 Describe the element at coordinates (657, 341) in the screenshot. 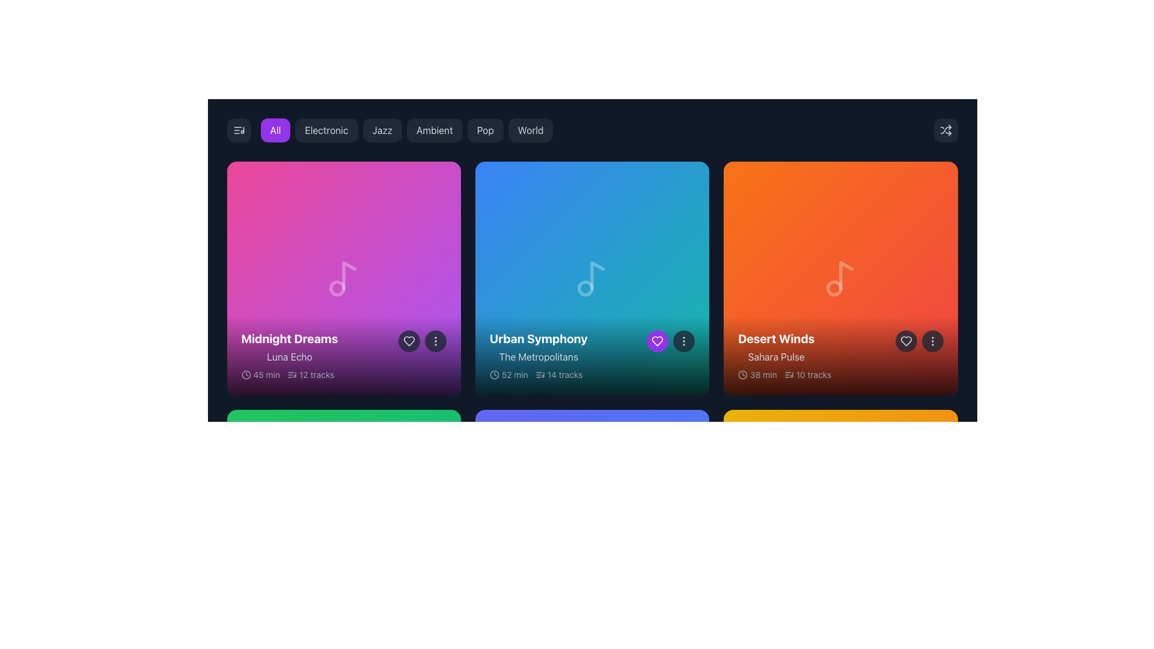

I see `the heart icon button located at the bottom-right corner of the 'Urban Symphony' card to mark it as a favorite` at that location.